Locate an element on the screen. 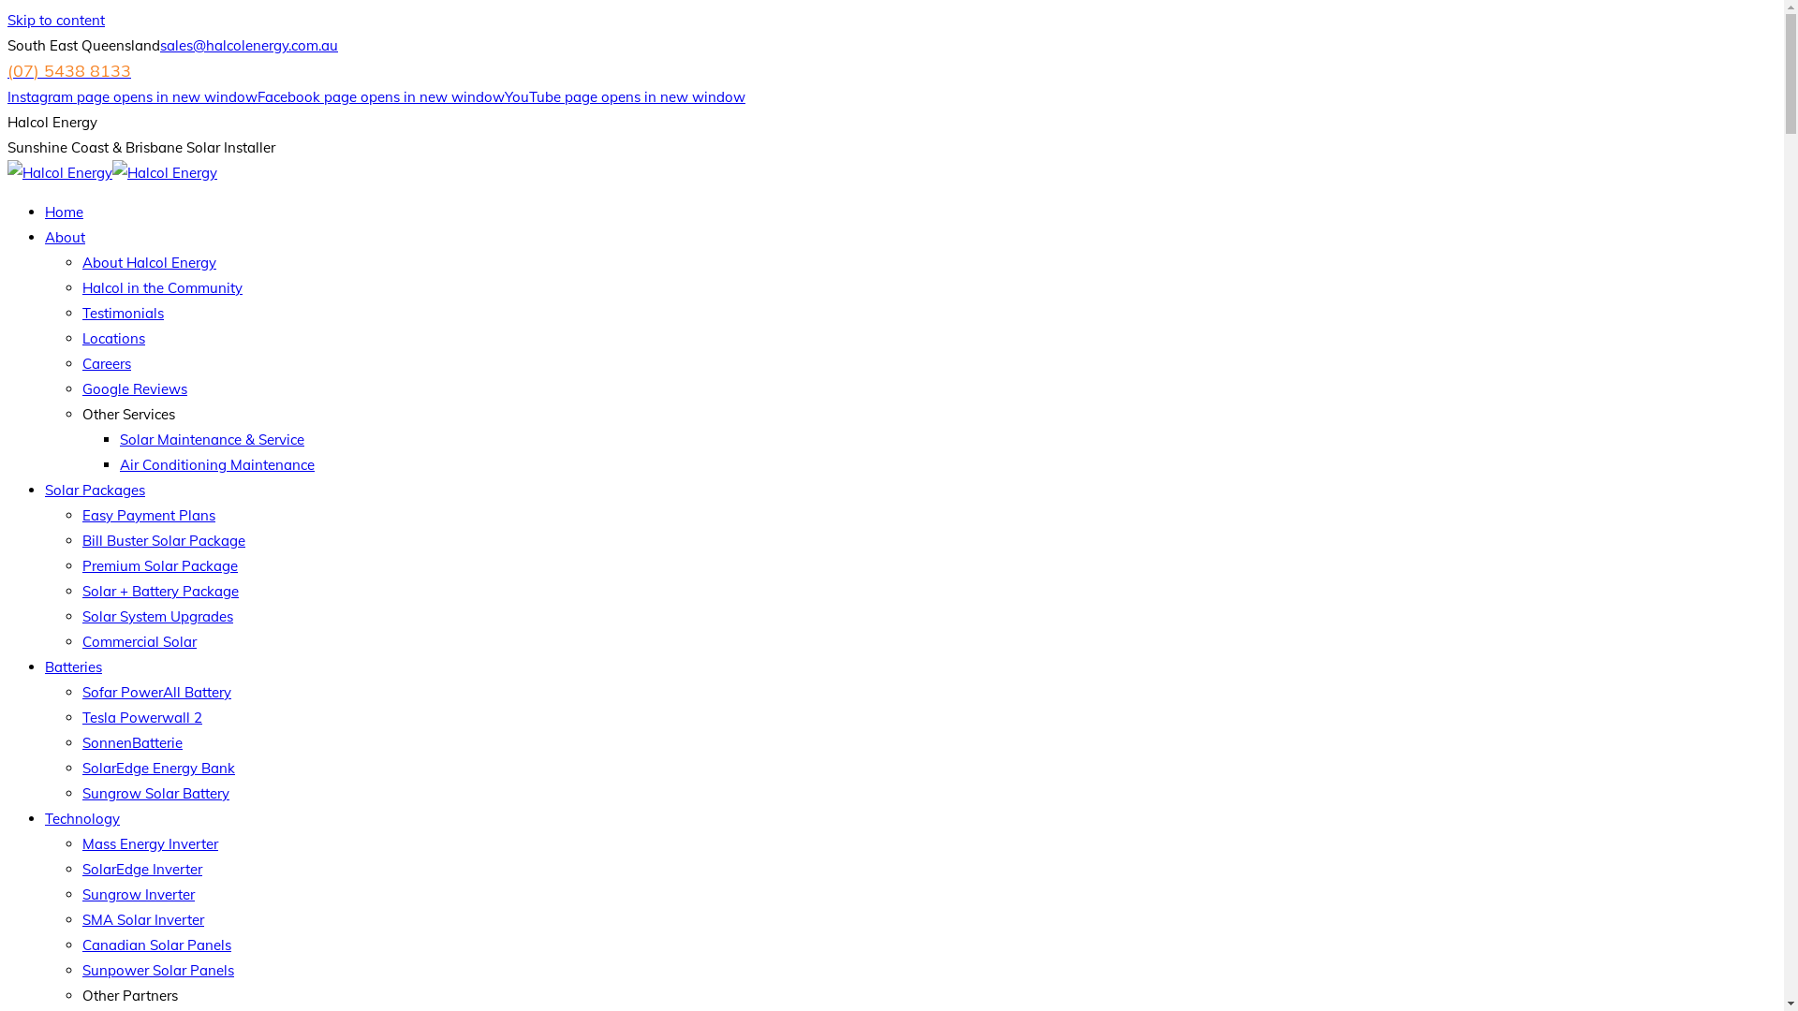 The height and width of the screenshot is (1011, 1798). 'SolarEdge Energy Bank' is located at coordinates (158, 768).